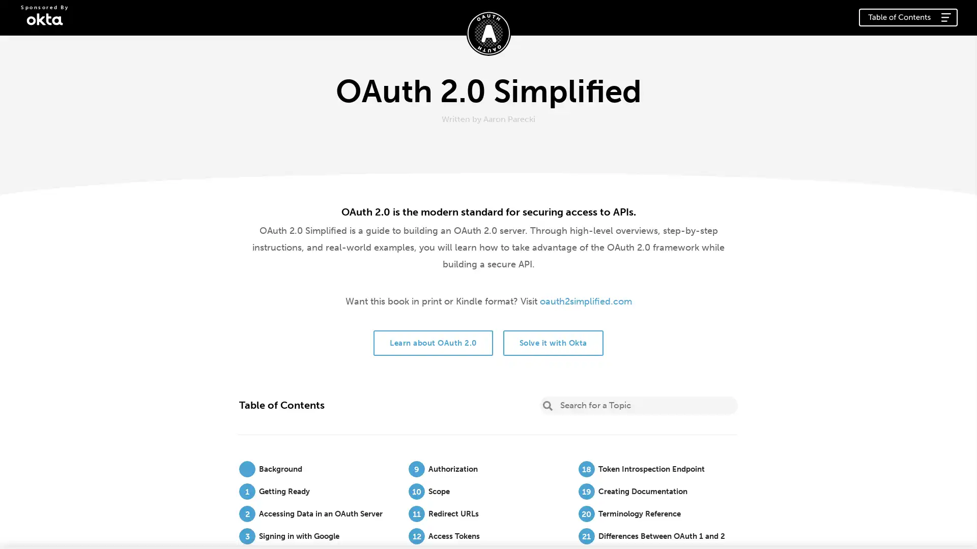 This screenshot has height=549, width=977. I want to click on Cookie Settings, so click(612, 531).